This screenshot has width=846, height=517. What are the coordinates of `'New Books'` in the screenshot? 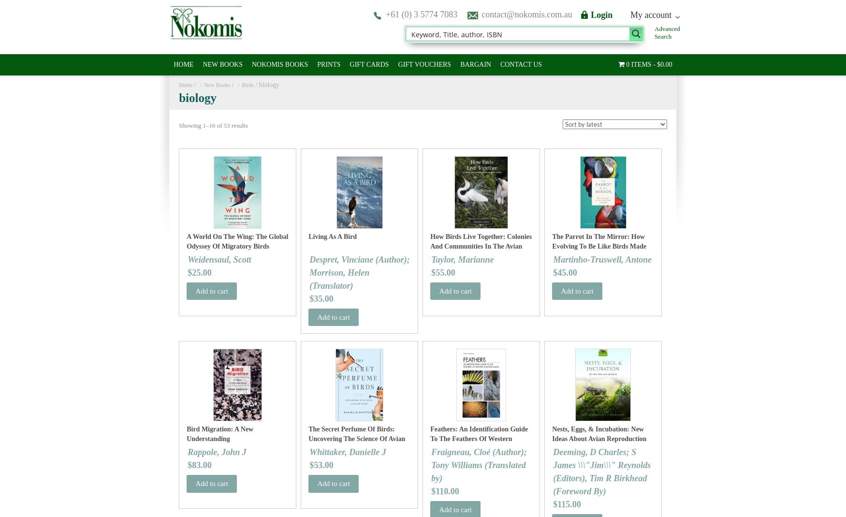 It's located at (203, 85).